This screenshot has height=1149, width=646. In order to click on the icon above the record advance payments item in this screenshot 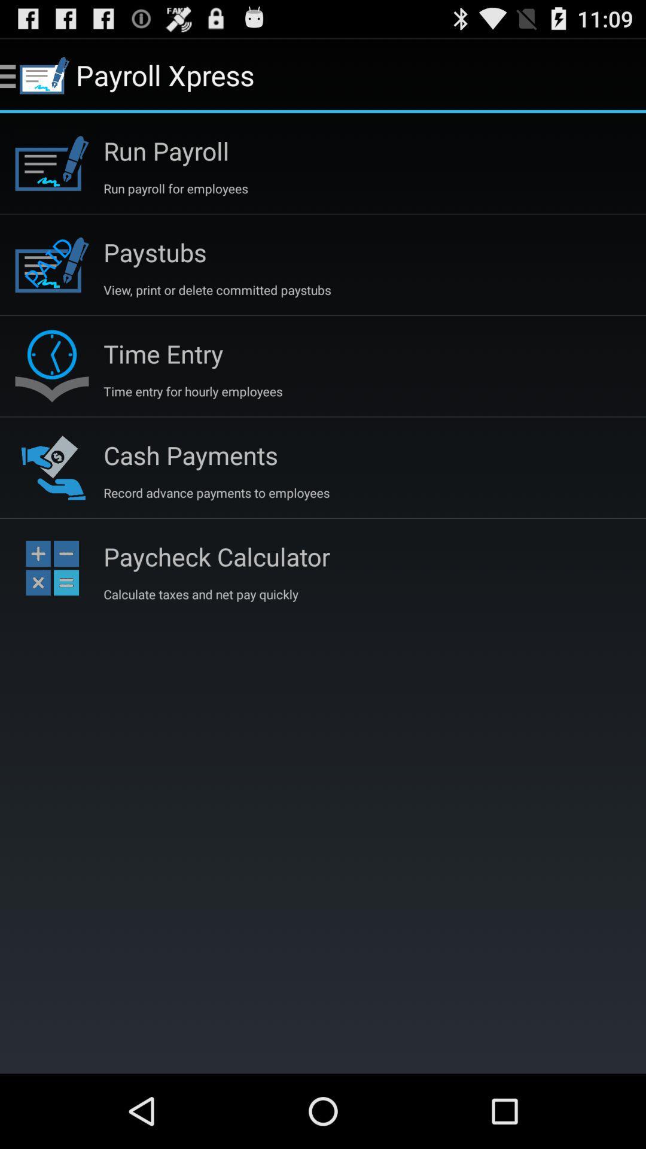, I will do `click(190, 454)`.